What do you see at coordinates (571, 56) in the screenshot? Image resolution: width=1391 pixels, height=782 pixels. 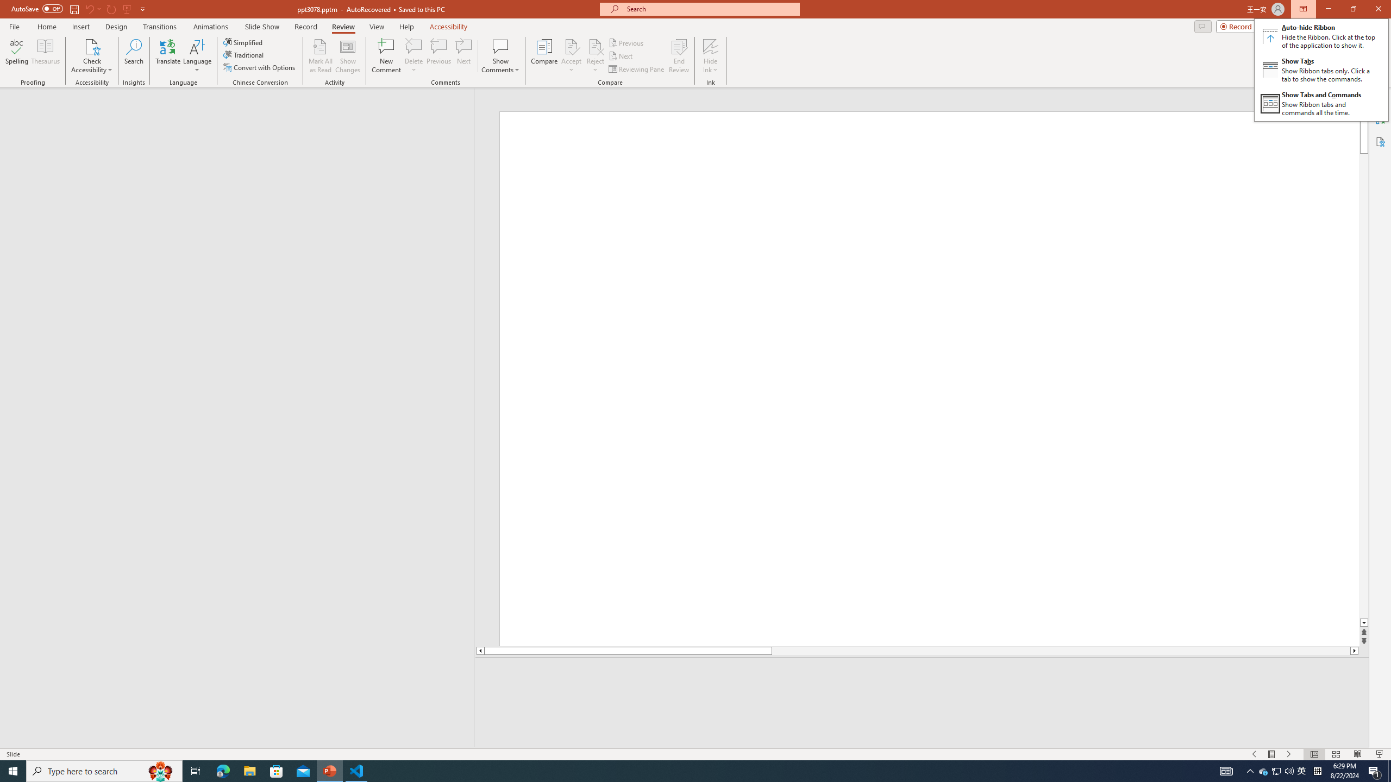 I see `'Accept'` at bounding box center [571, 56].